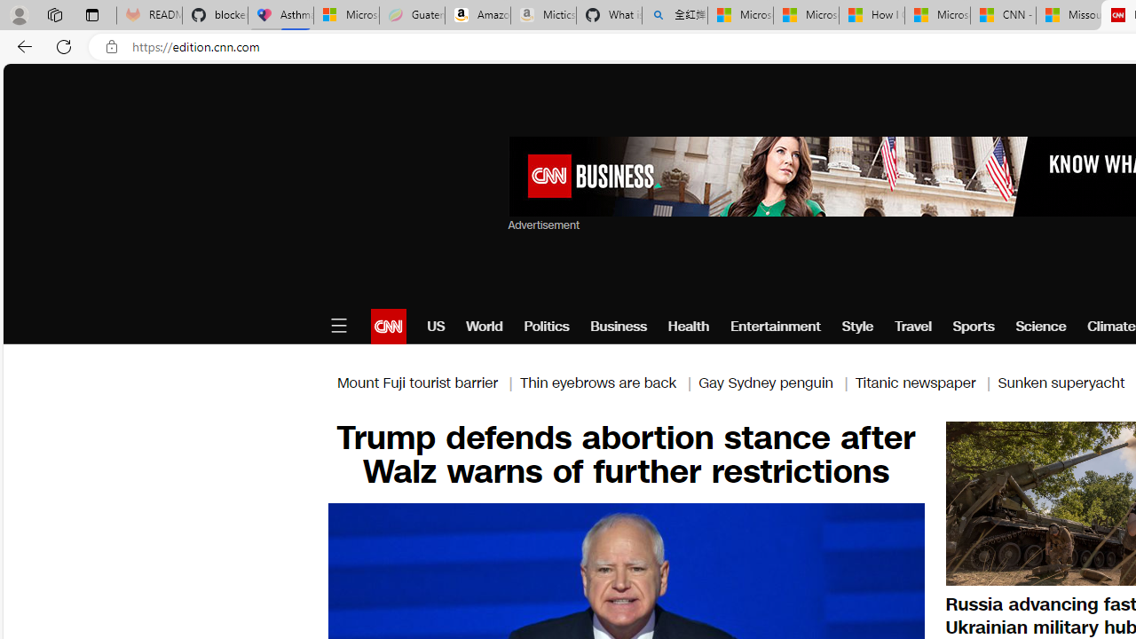 This screenshot has height=639, width=1136. Describe the element at coordinates (872, 15) in the screenshot. I see `'How I Got Rid of Microsoft Edge'` at that location.